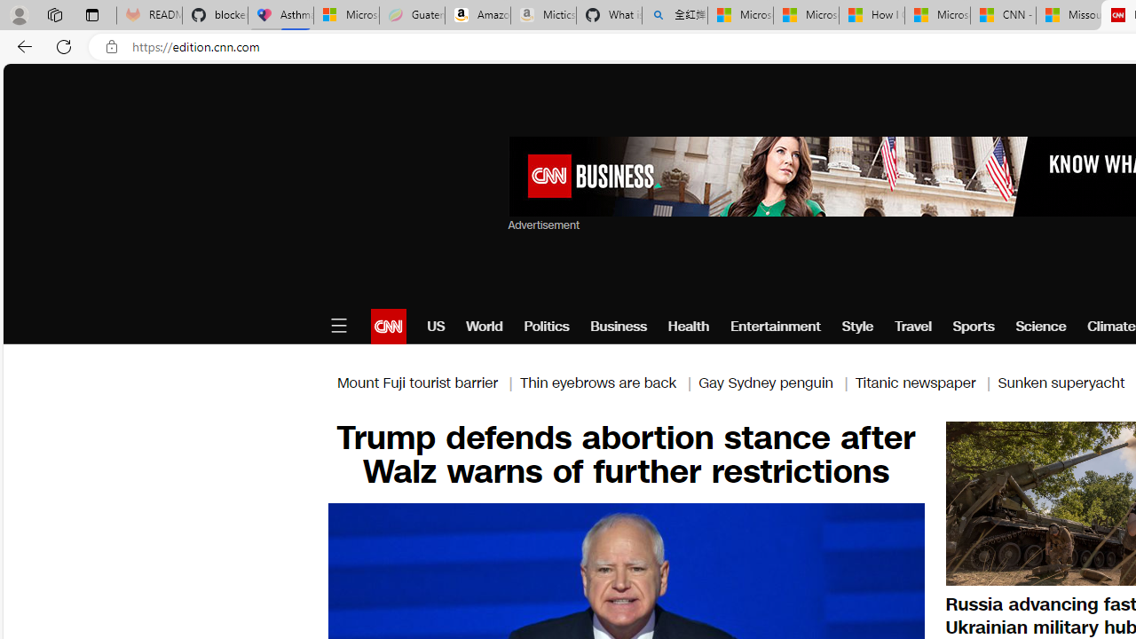 This screenshot has height=639, width=1136. Describe the element at coordinates (872, 15) in the screenshot. I see `'How I Got Rid of Microsoft Edge'` at that location.